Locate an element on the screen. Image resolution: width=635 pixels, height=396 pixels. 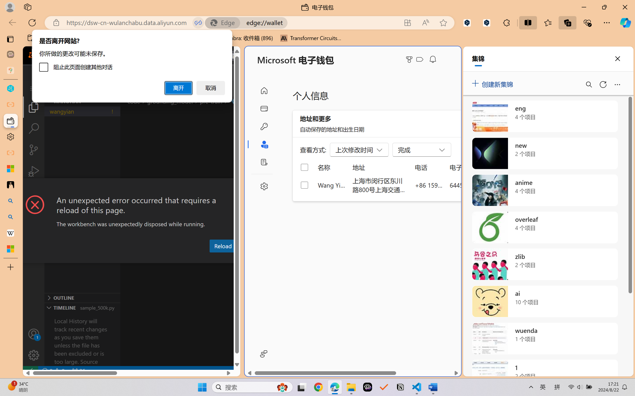
'Microsoft Rewards' is located at coordinates (410, 59).